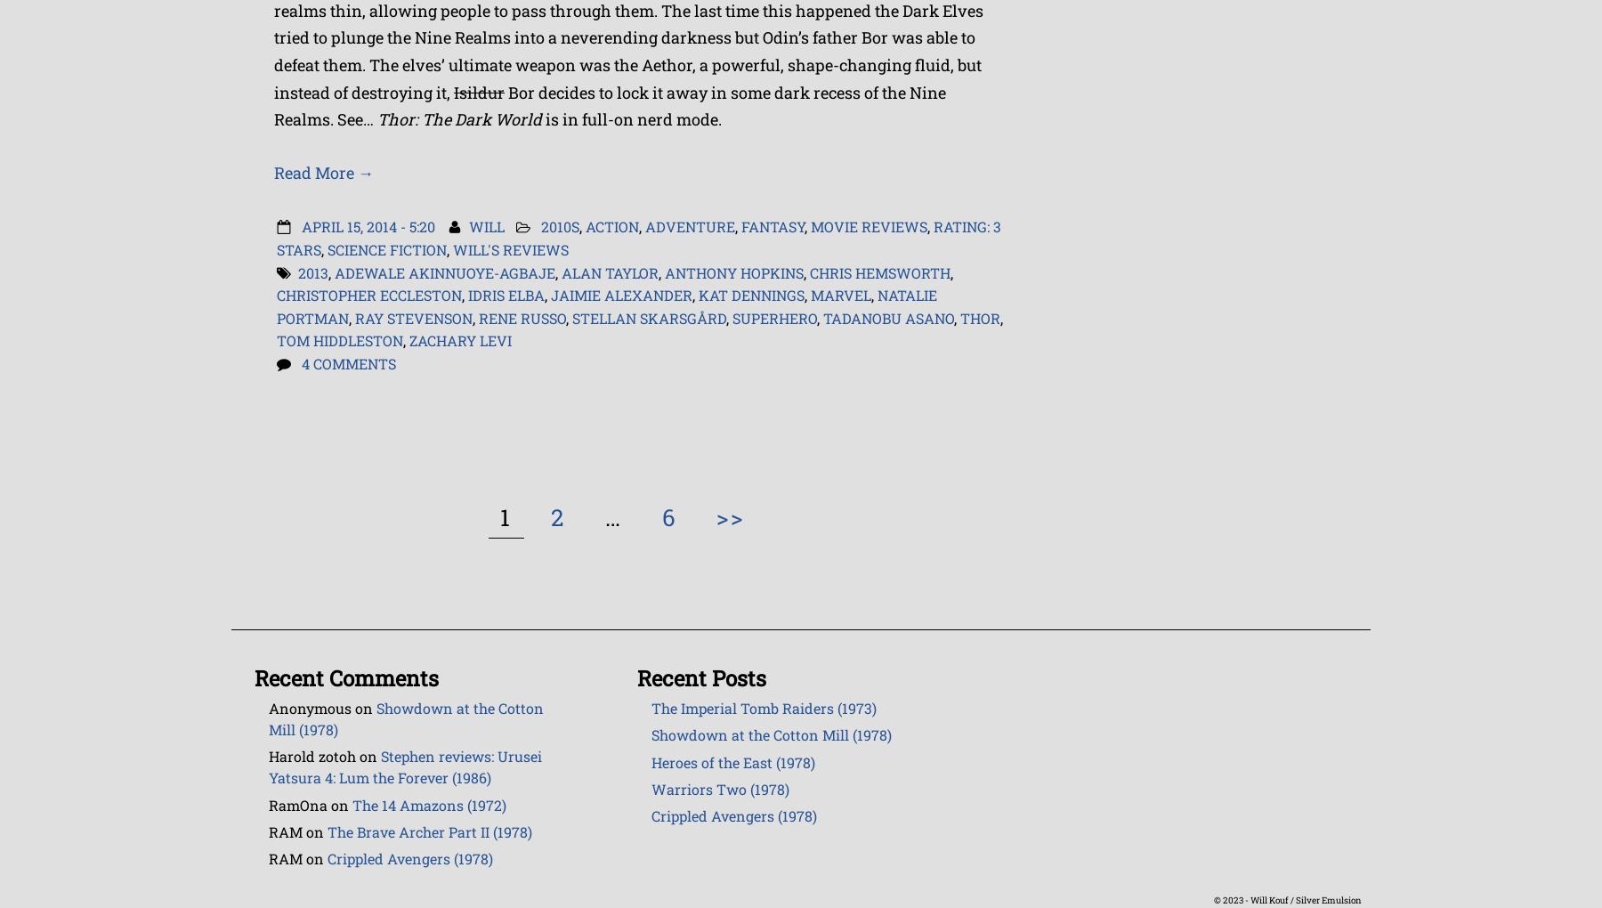  I want to click on 'Jaimie Alexander', so click(620, 295).